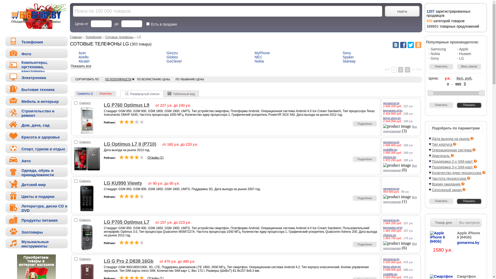 This screenshot has width=496, height=279. I want to click on 'LG KU990 Viewty', so click(122, 183).